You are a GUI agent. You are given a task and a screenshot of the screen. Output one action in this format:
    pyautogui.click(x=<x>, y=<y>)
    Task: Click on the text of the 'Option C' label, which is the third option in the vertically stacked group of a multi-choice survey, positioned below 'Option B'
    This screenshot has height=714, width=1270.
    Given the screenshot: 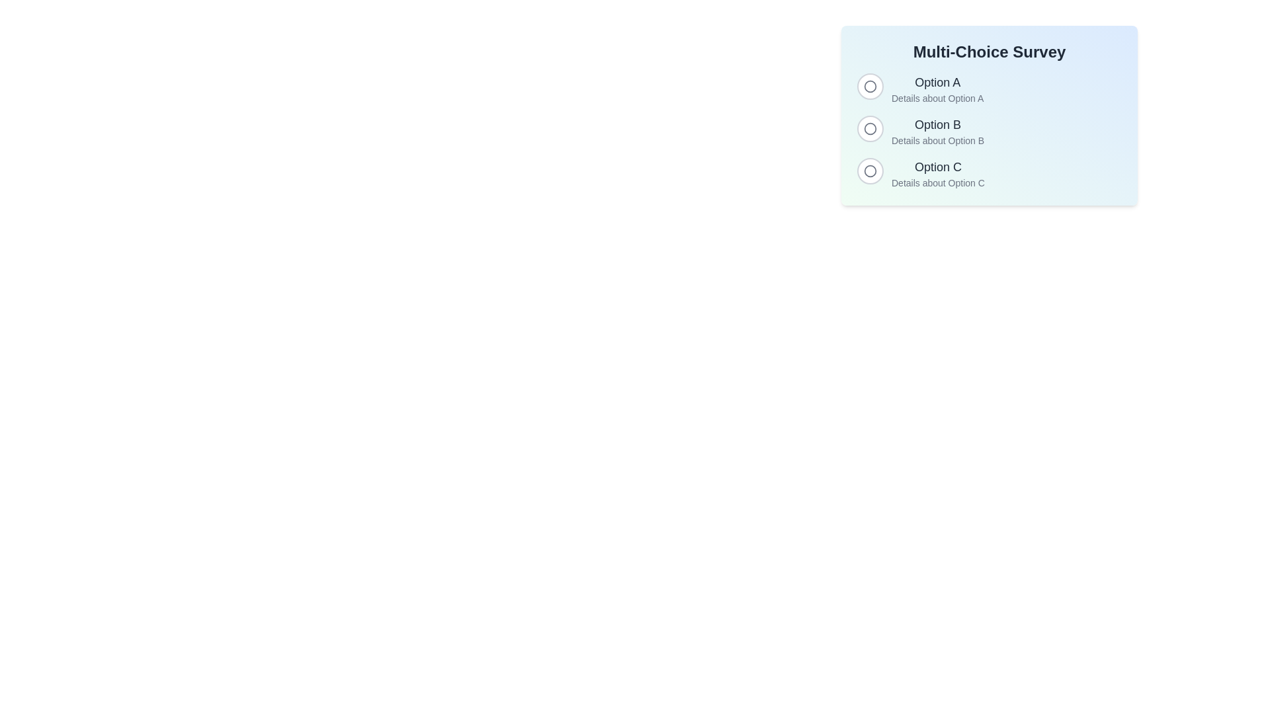 What is the action you would take?
    pyautogui.click(x=937, y=173)
    